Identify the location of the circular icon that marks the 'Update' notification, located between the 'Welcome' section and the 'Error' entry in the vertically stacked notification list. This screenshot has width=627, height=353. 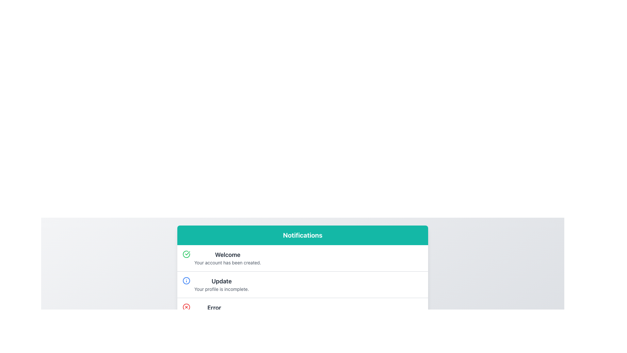
(186, 280).